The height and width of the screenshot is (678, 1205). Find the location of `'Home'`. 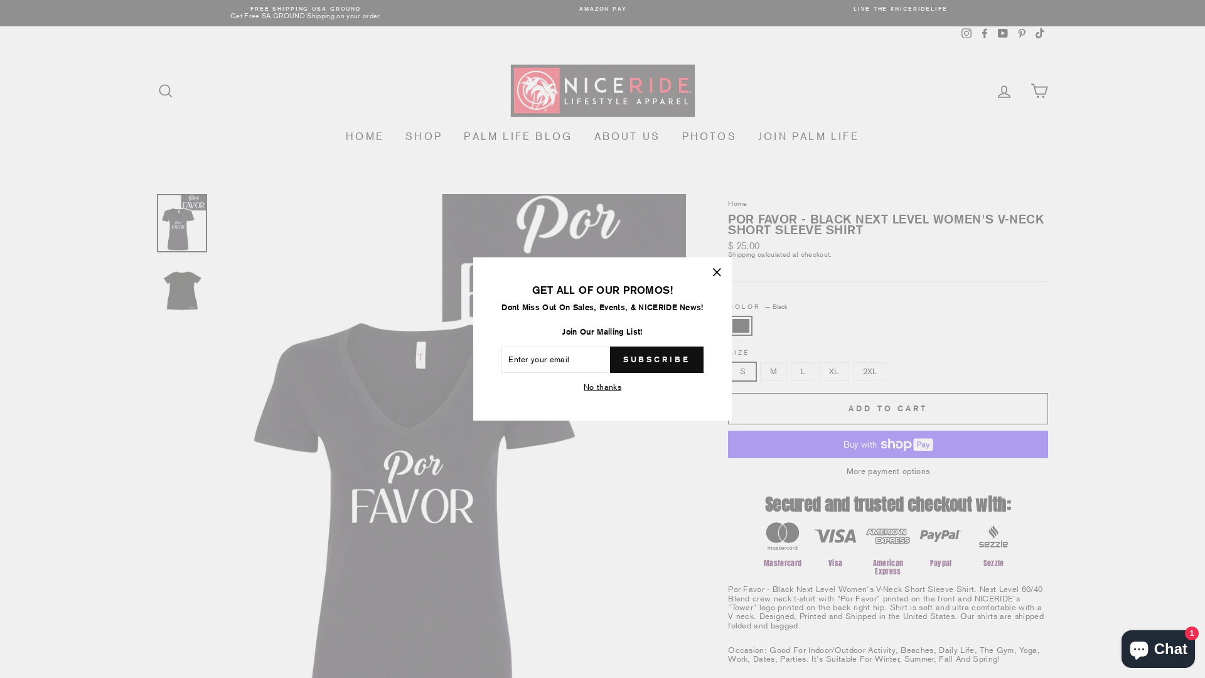

'Home' is located at coordinates (737, 203).